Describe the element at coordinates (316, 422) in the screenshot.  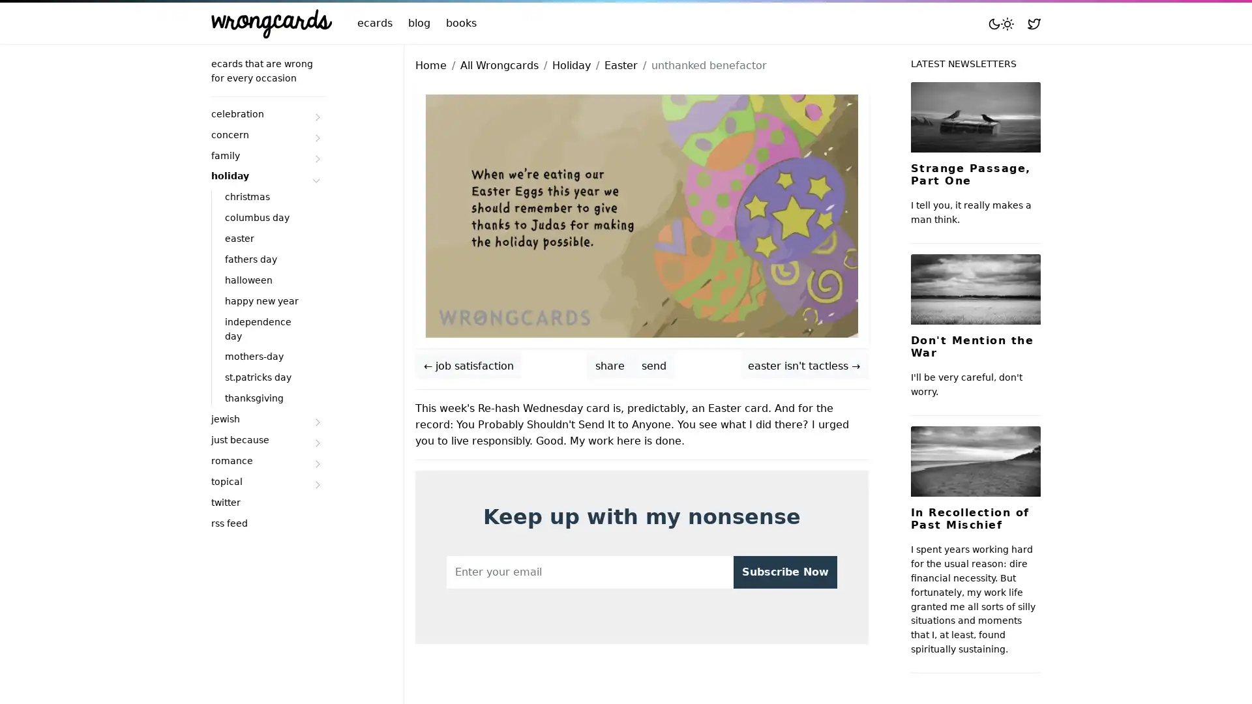
I see `Submenu` at that location.